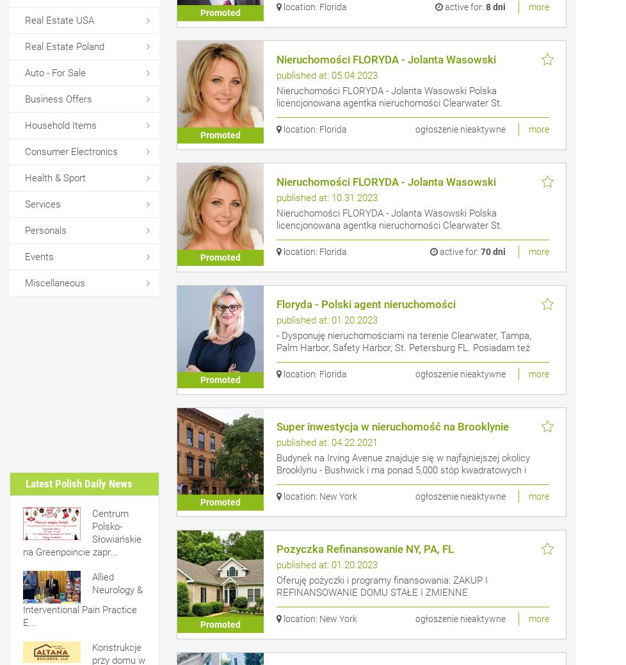  What do you see at coordinates (494, 6) in the screenshot?
I see `'8                  dni'` at bounding box center [494, 6].